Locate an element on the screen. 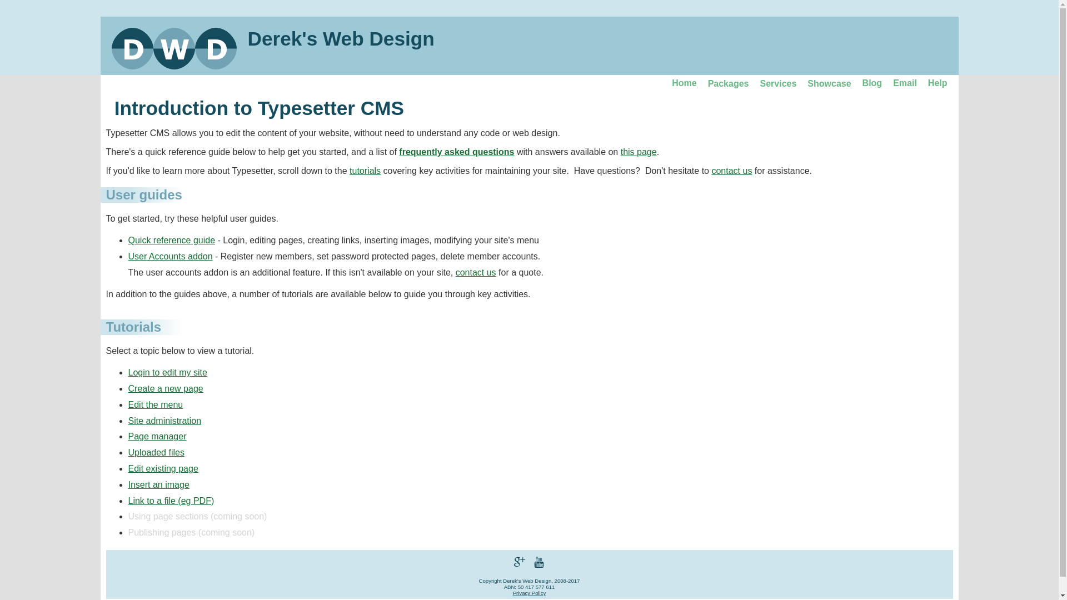  'Help' is located at coordinates (937, 83).